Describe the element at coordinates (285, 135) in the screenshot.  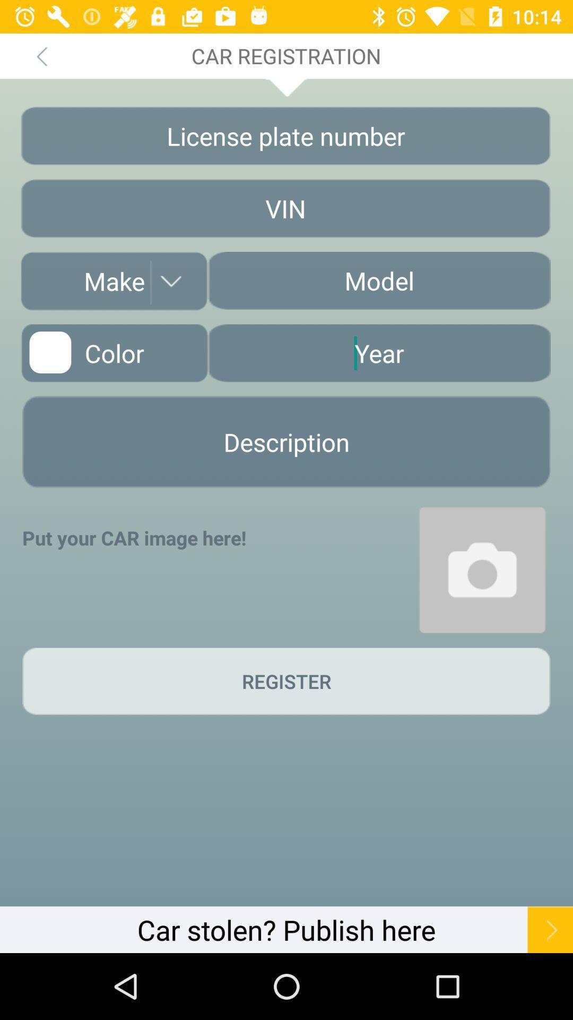
I see `license plate number` at that location.